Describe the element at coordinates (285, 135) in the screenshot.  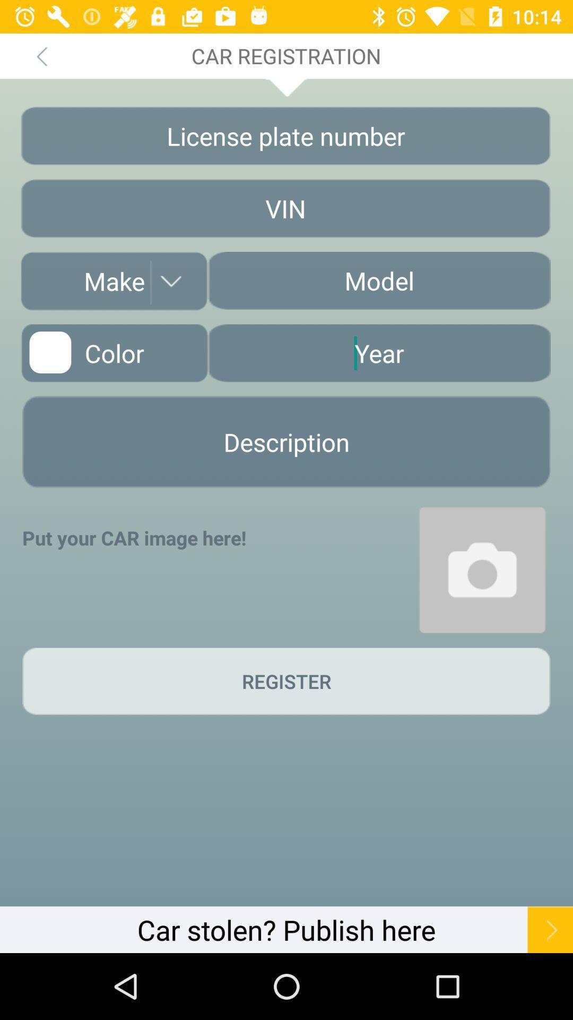
I see `license plate number` at that location.